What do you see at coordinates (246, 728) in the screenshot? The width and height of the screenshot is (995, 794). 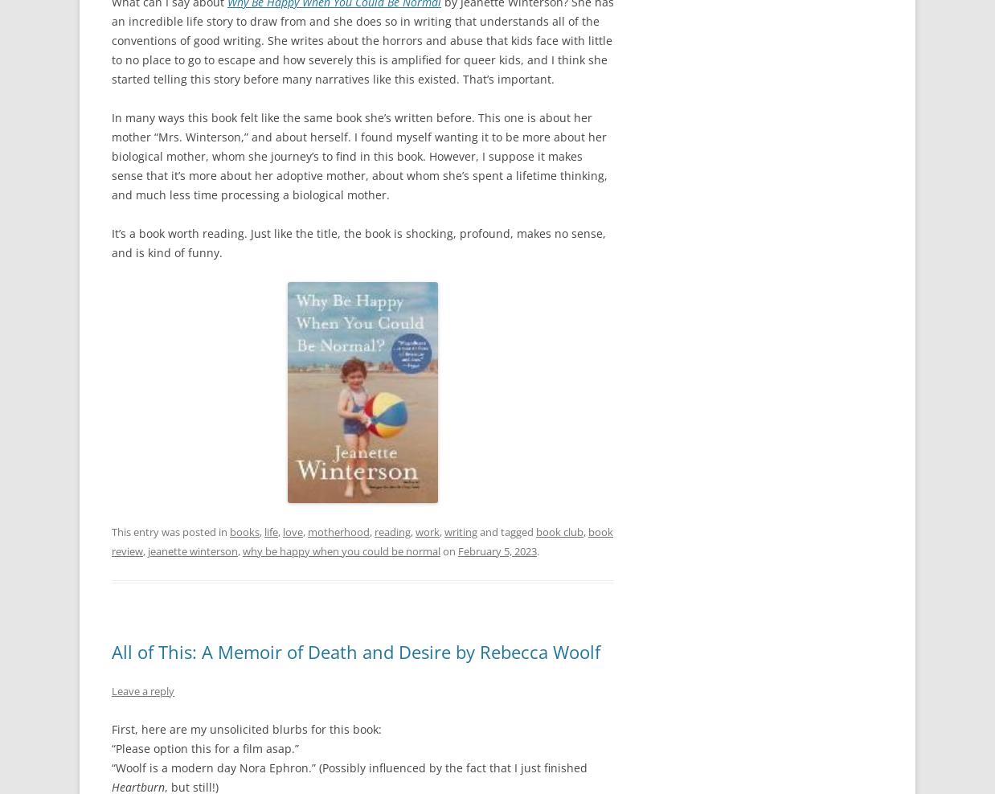 I see `'First, here are my unsolicited blurbs for this book:'` at bounding box center [246, 728].